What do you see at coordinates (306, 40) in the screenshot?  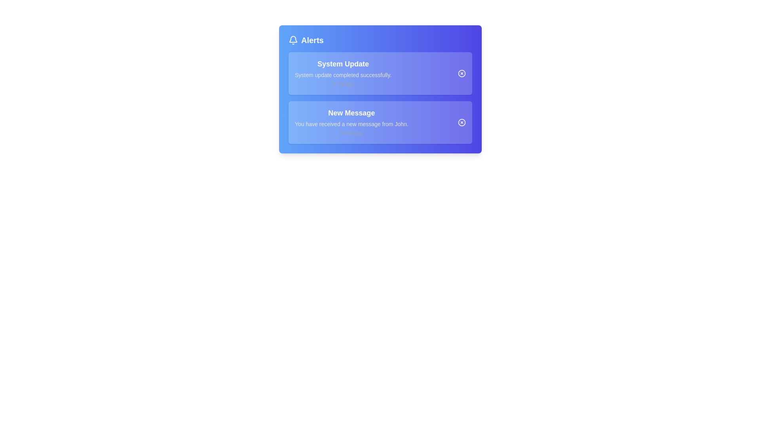 I see `the label with an icon that indicates alert-related items, located at the top-left corner of the main interface` at bounding box center [306, 40].